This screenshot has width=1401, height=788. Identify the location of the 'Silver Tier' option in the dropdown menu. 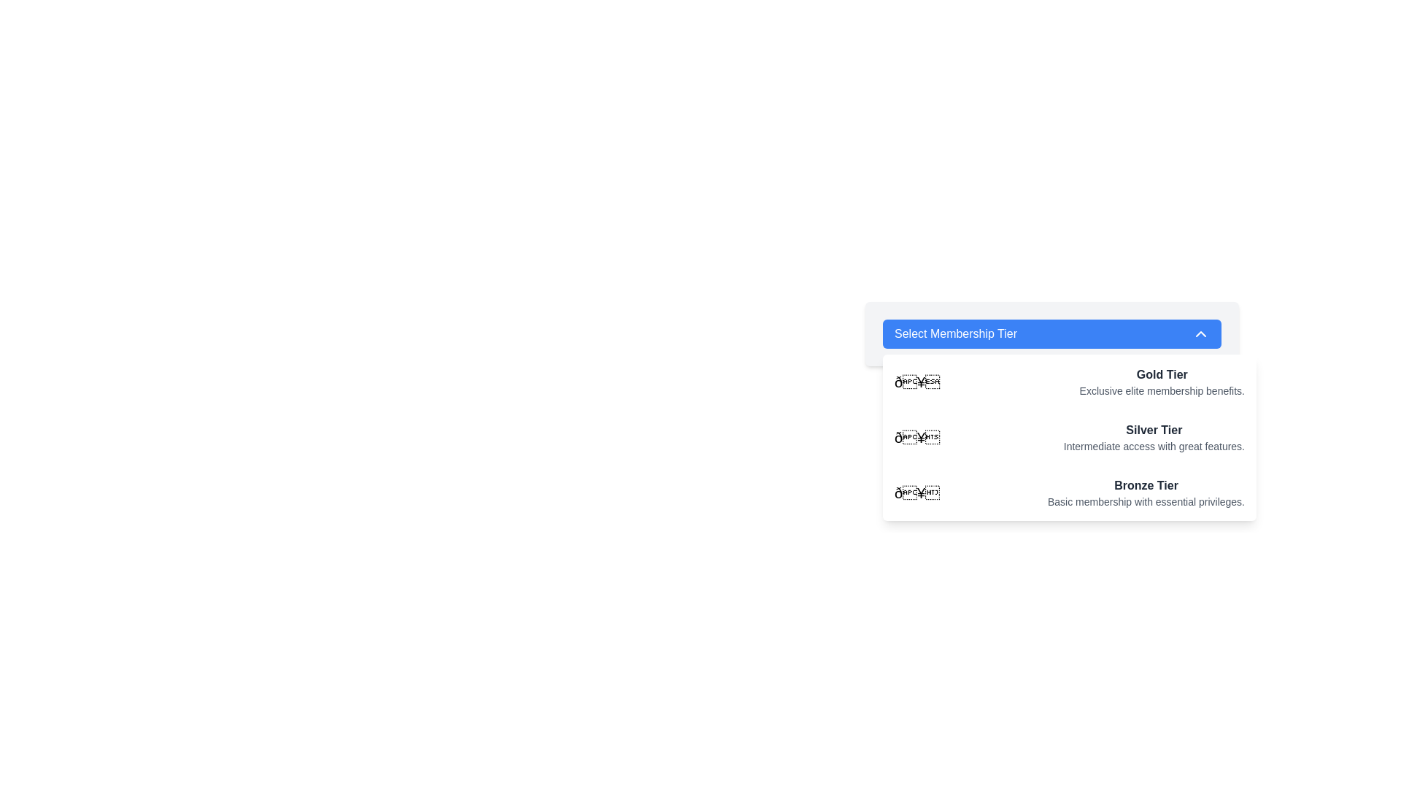
(1069, 437).